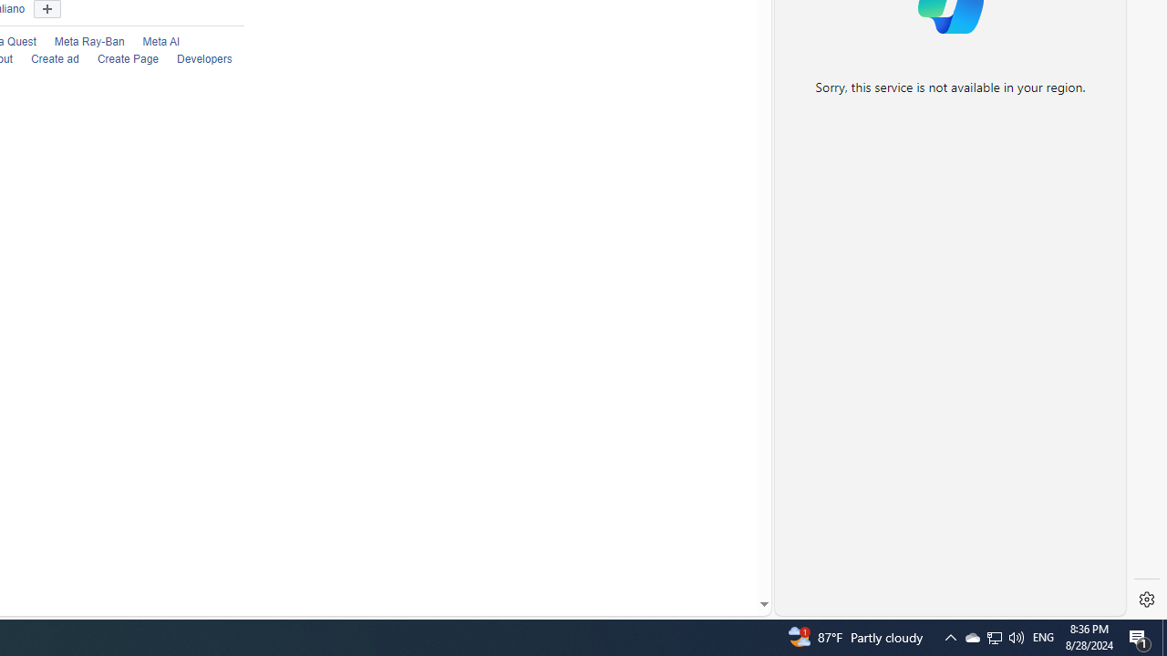  Describe the element at coordinates (118, 59) in the screenshot. I see `'Create Page'` at that location.